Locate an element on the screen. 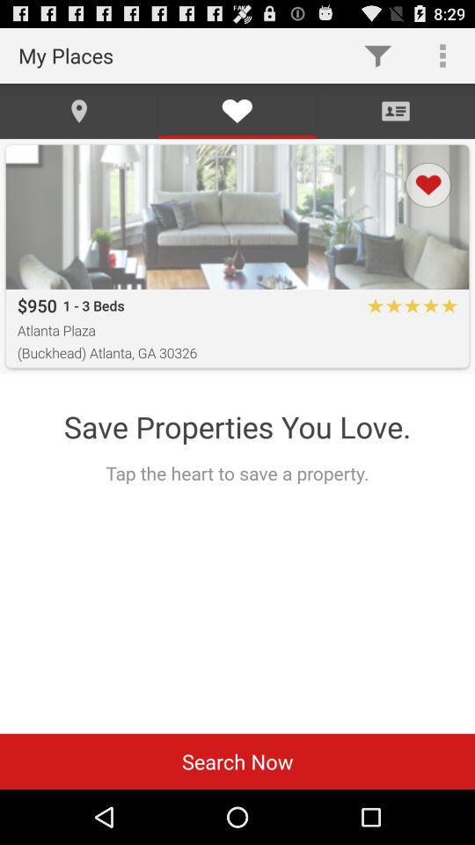 This screenshot has width=475, height=845. the app below tap the heart icon is located at coordinates (237, 760).